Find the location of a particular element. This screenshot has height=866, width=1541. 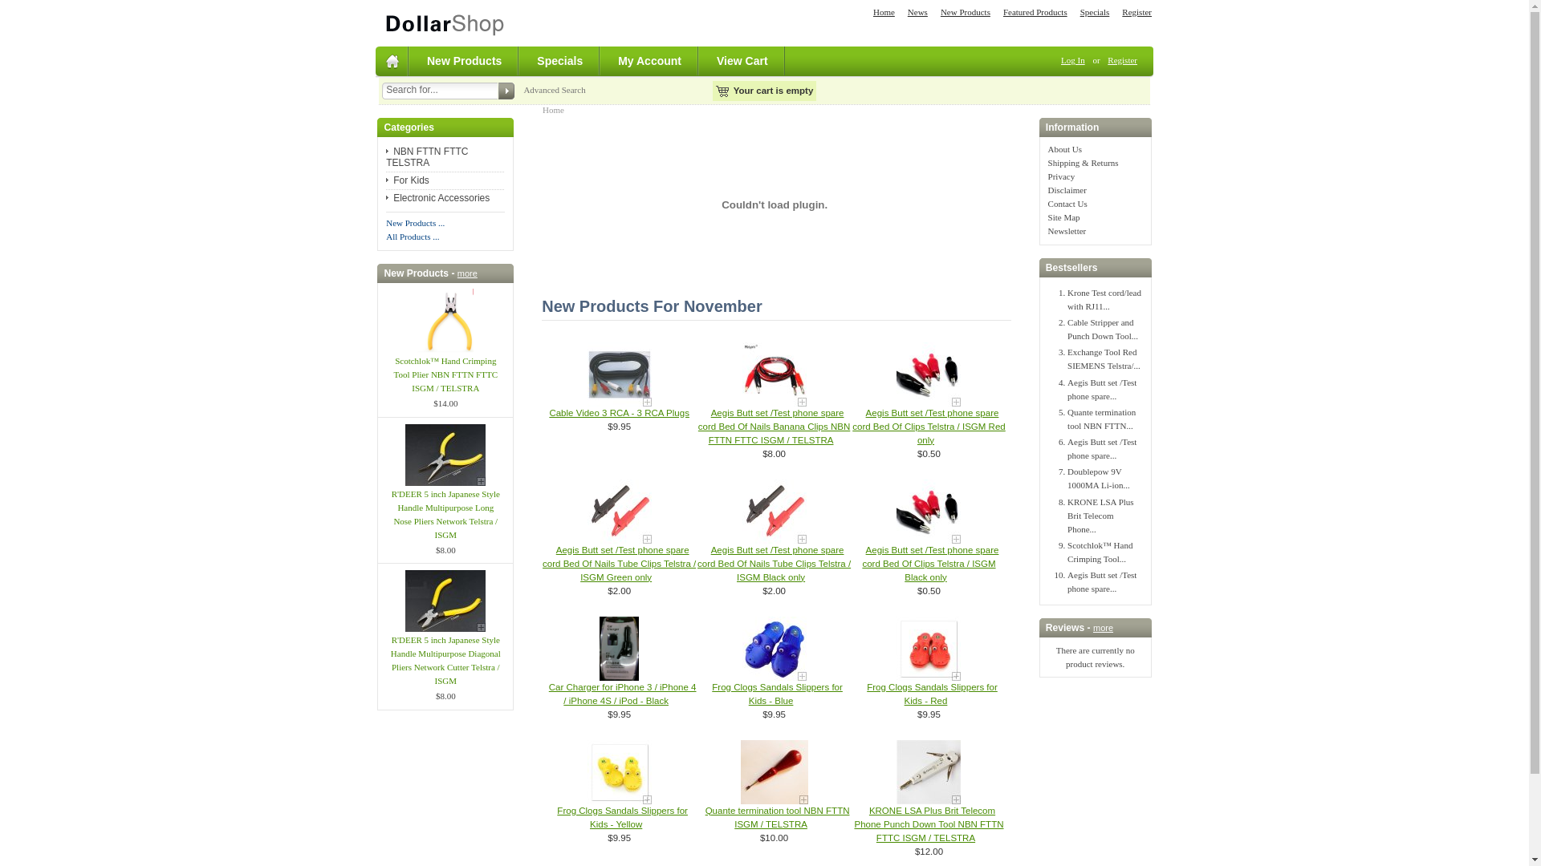

'Electronic Accessories' is located at coordinates (437, 196).